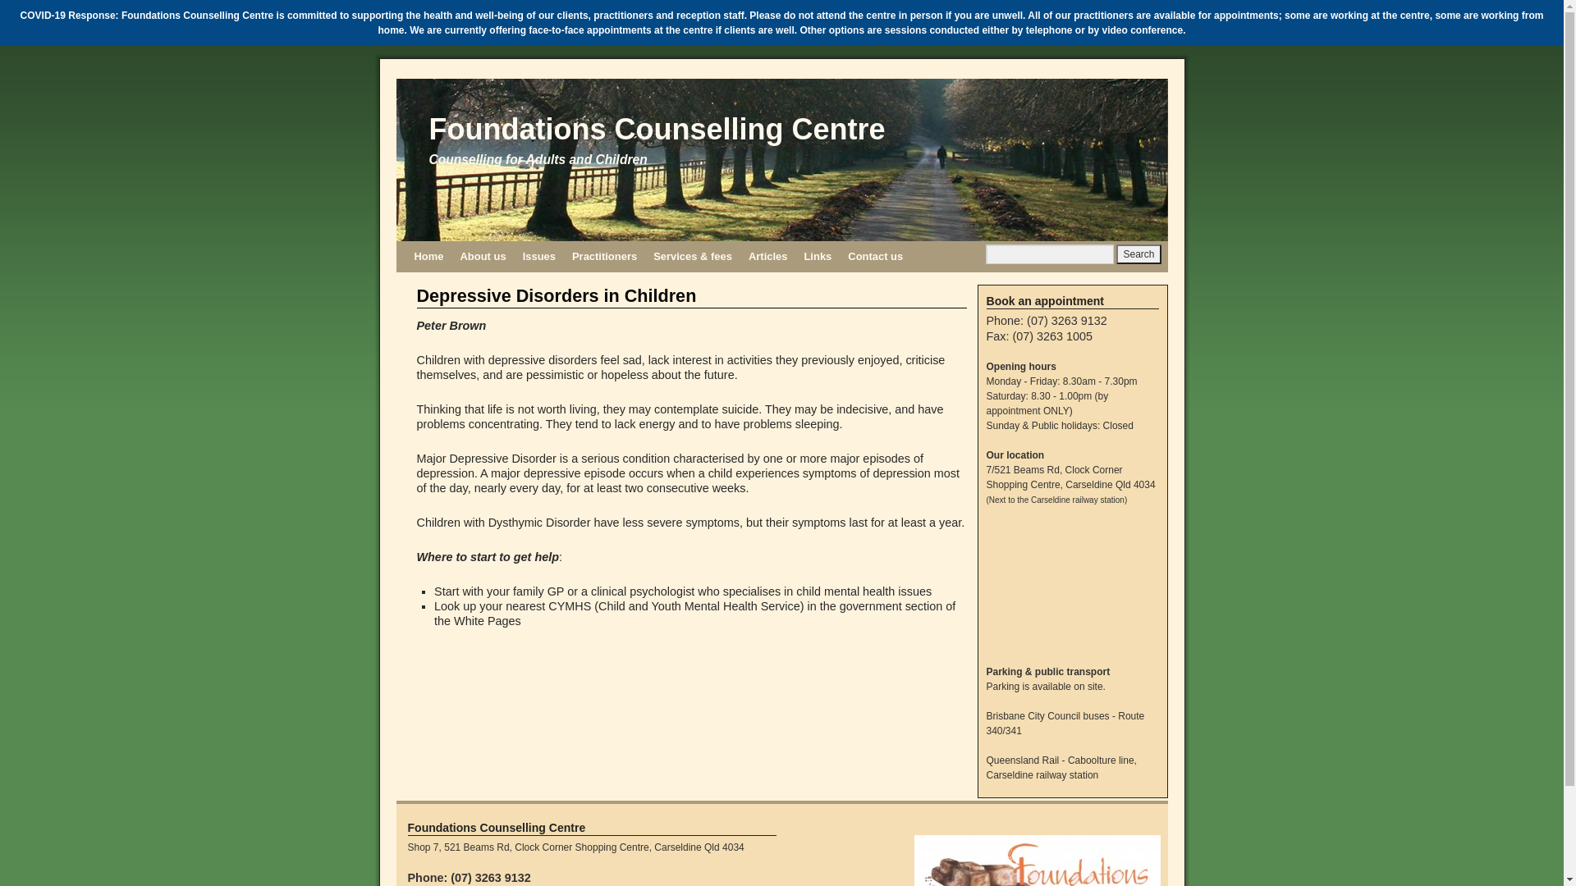 The width and height of the screenshot is (1576, 886). I want to click on 'Services & fees', so click(693, 256).